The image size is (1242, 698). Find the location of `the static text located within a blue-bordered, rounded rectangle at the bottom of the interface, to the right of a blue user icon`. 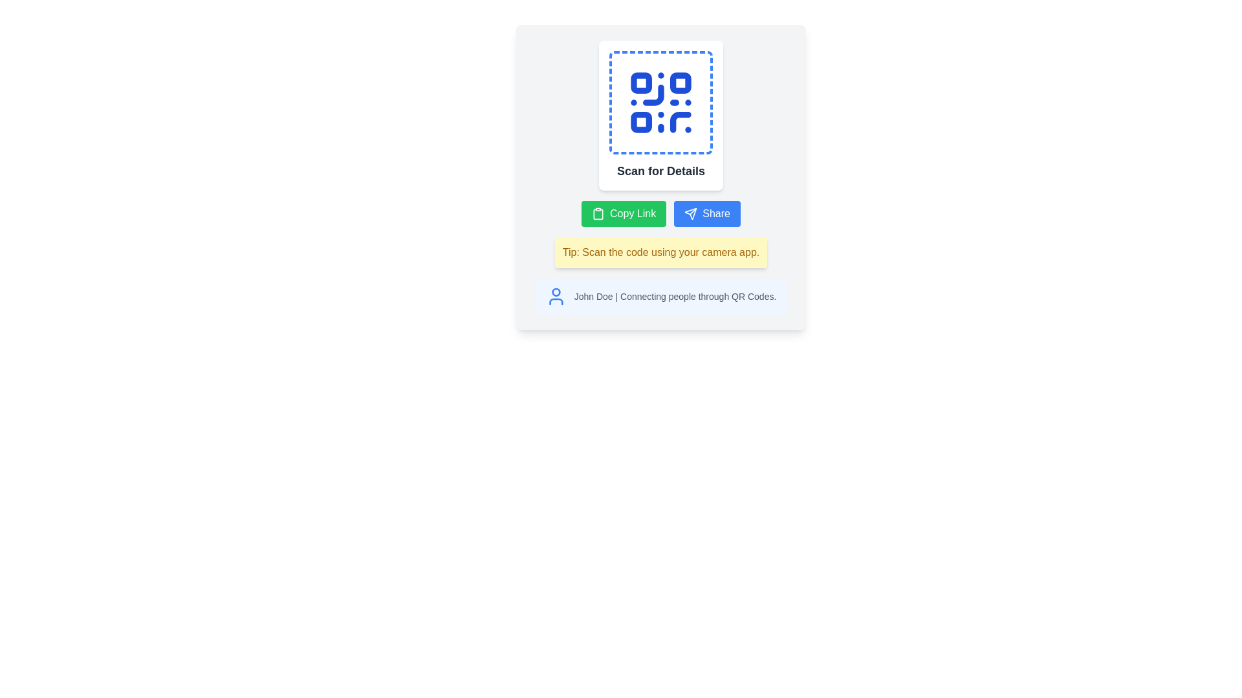

the static text located within a blue-bordered, rounded rectangle at the bottom of the interface, to the right of a blue user icon is located at coordinates (674, 297).